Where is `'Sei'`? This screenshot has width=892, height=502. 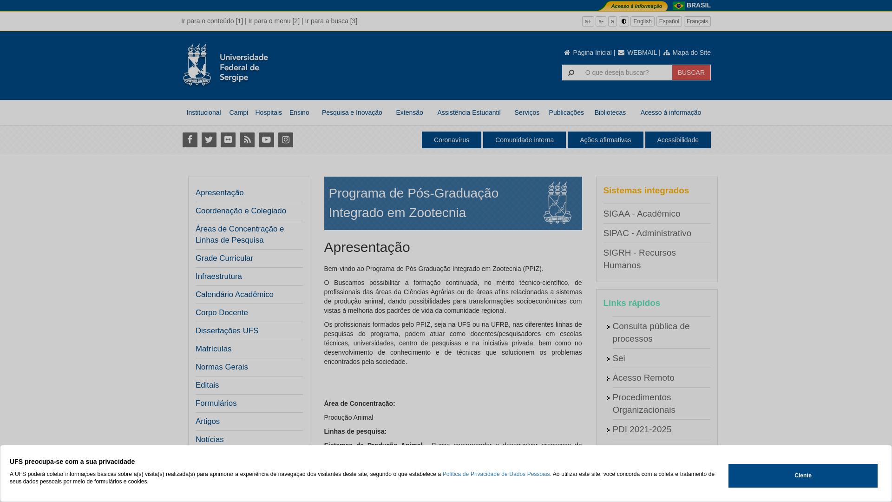
'Sei' is located at coordinates (618, 357).